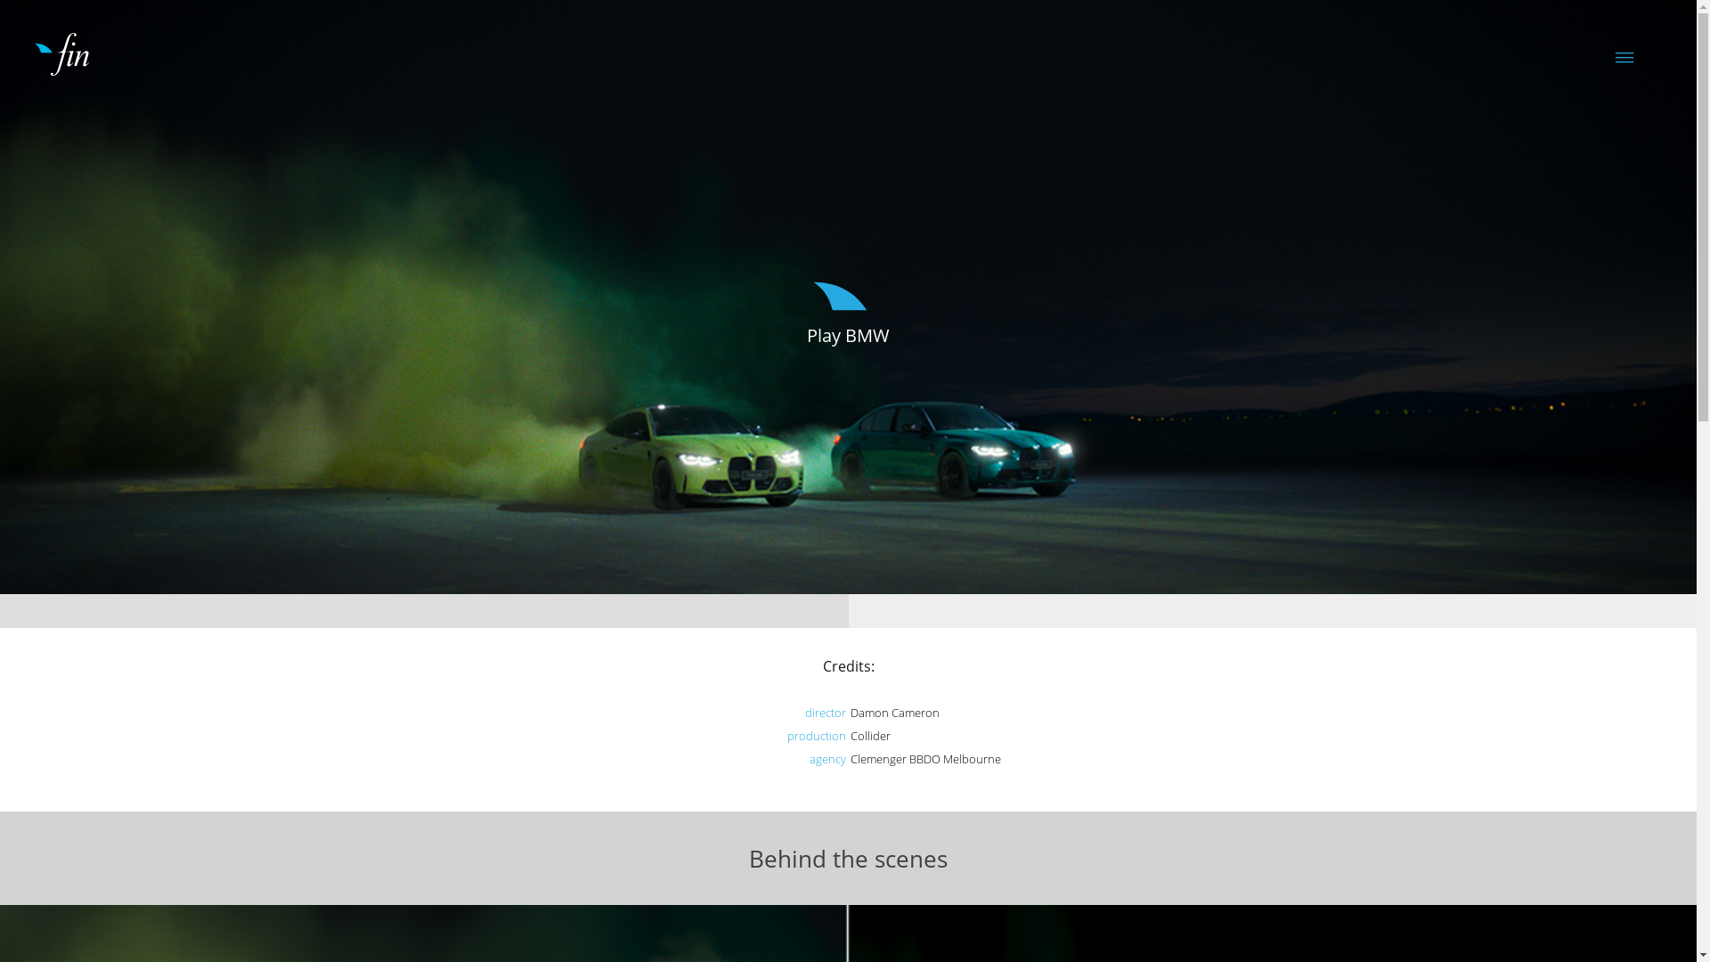 This screenshot has width=1710, height=962. What do you see at coordinates (893, 711) in the screenshot?
I see `'Damon Cameron'` at bounding box center [893, 711].